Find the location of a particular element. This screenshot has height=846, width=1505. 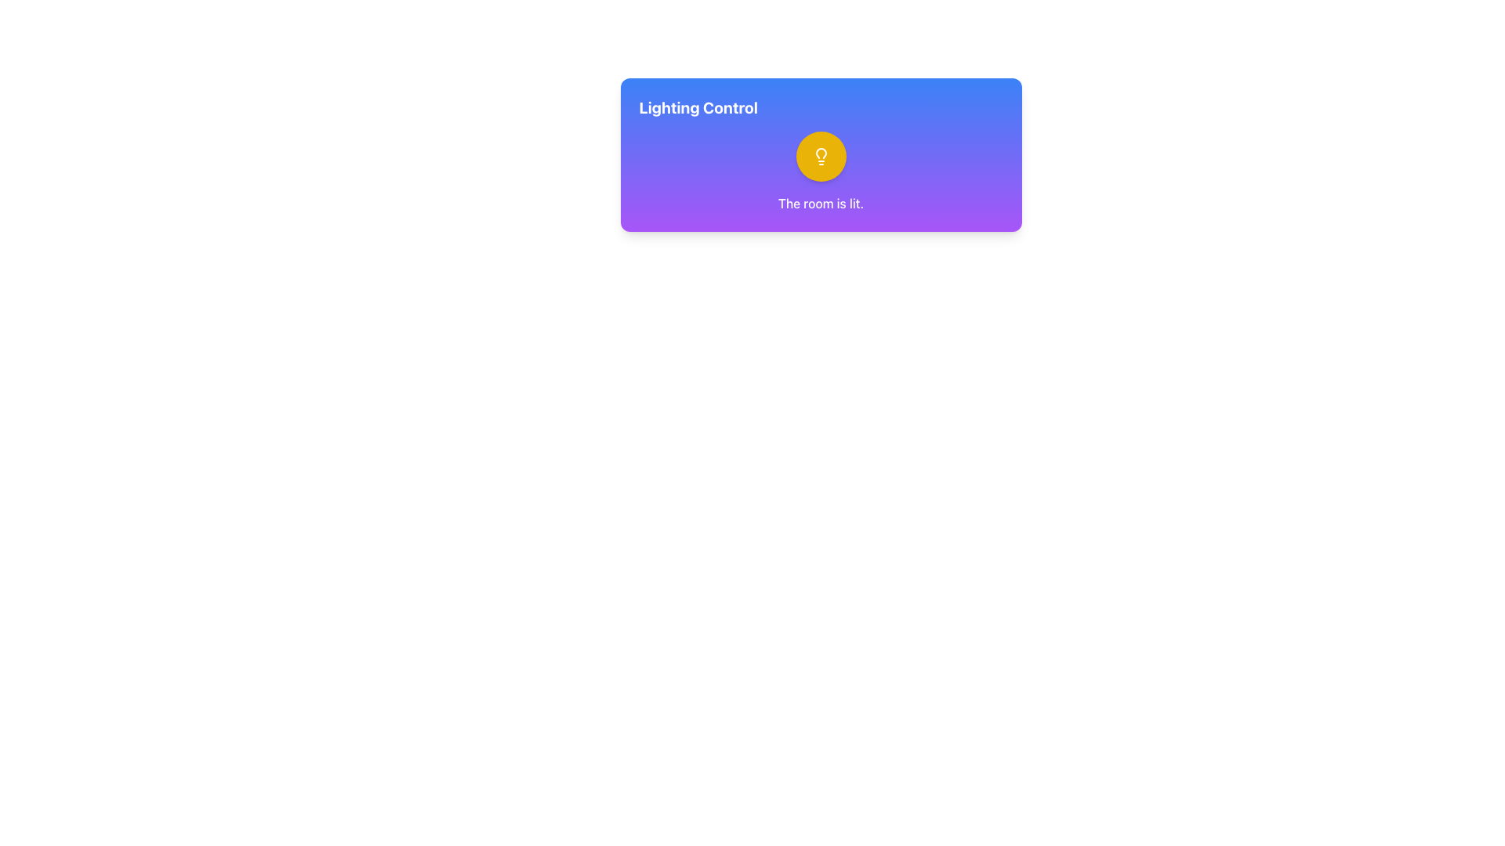

the appearance or tooltips of the central part of the lightbulb icon, which represents lighting functionality is located at coordinates (820, 154).